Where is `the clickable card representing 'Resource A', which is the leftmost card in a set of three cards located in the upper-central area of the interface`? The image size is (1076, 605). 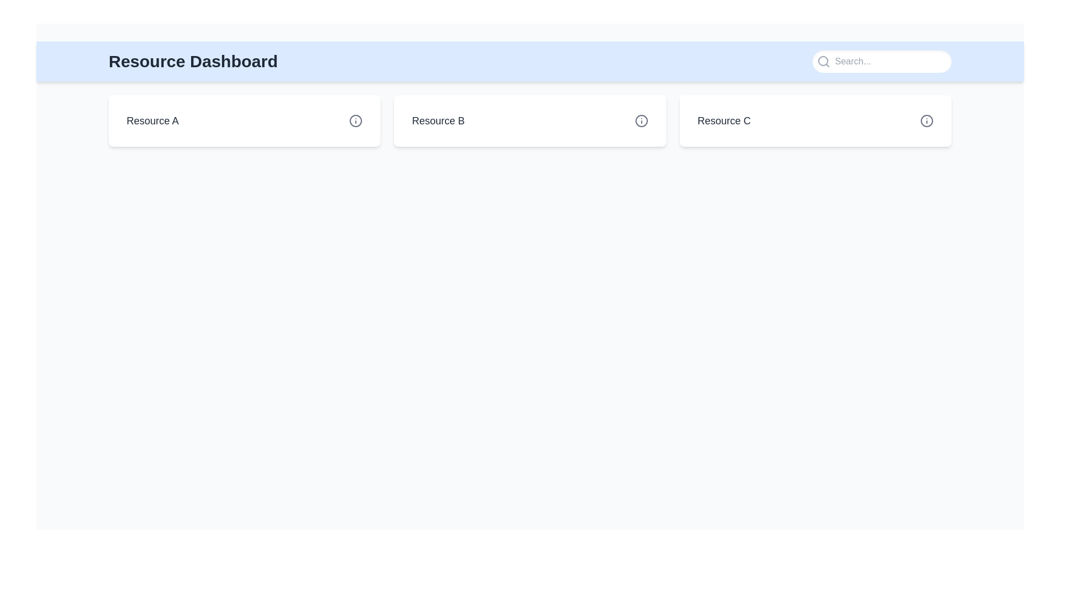 the clickable card representing 'Resource A', which is the leftmost card in a set of three cards located in the upper-central area of the interface is located at coordinates (244, 121).